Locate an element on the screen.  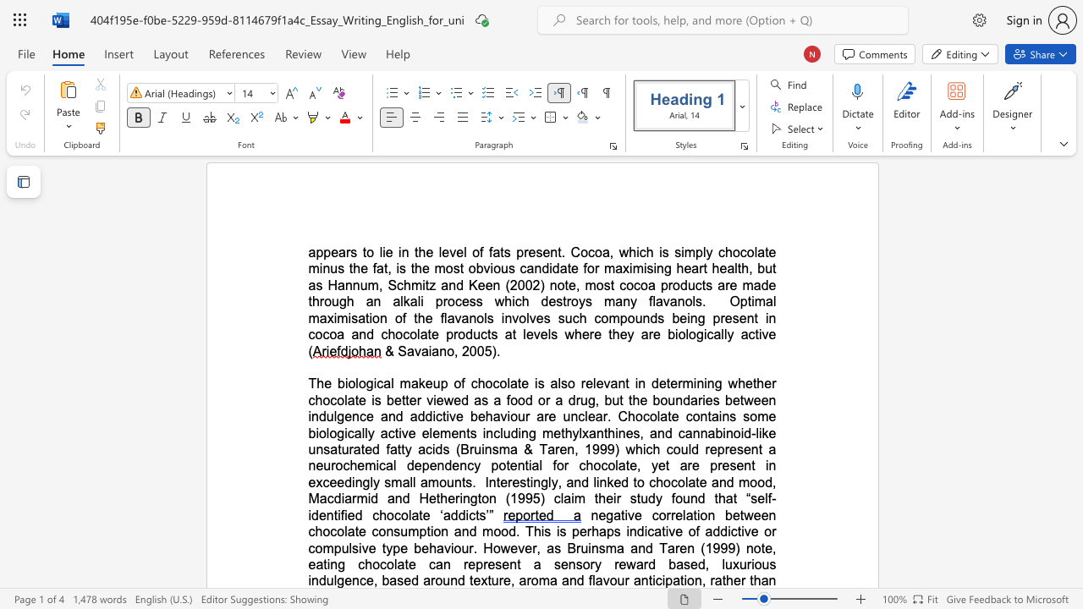
the subset text "ndulgence, based a" within the text "a sensory reward based, luxurious indulgence, based around texture," is located at coordinates (311, 579).